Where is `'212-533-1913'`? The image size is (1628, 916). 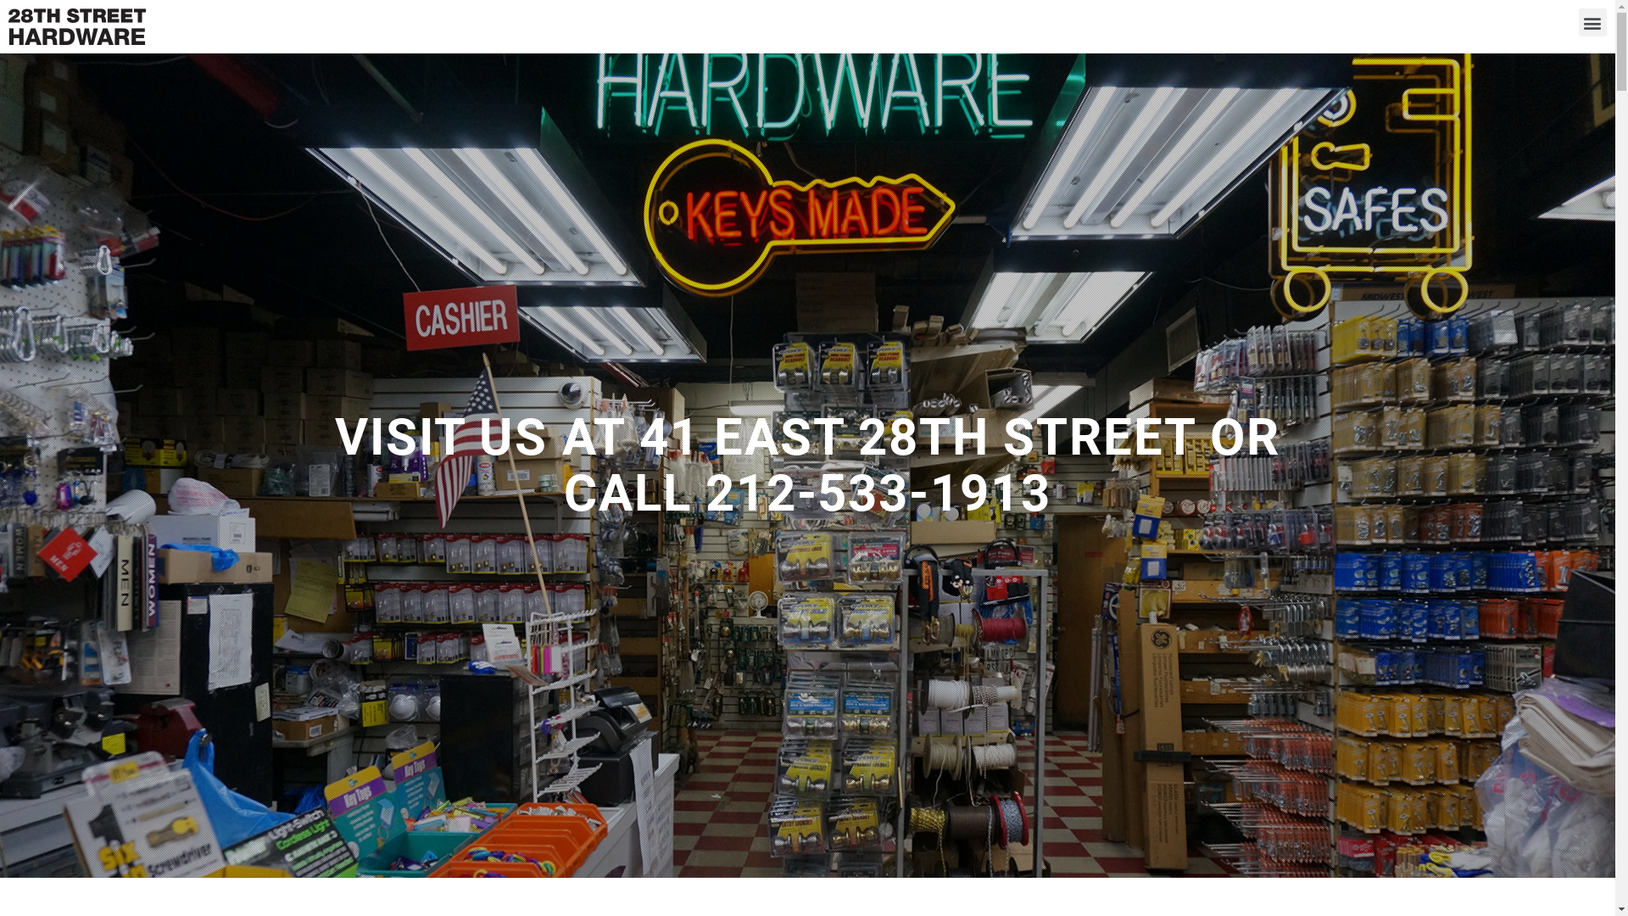
'212-533-1913' is located at coordinates (878, 493).